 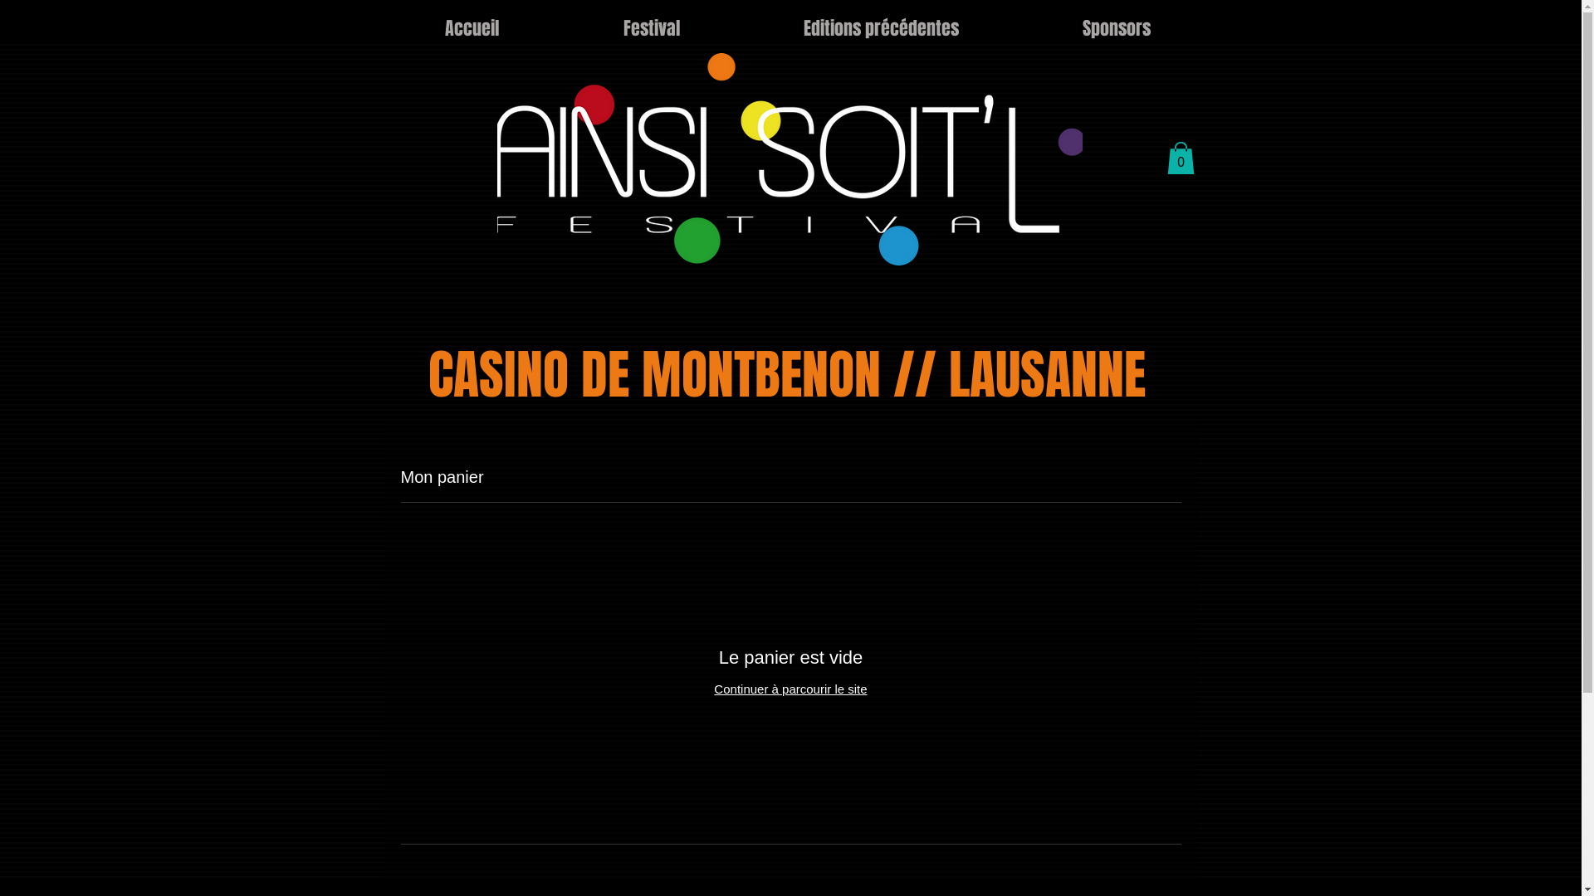 What do you see at coordinates (651, 28) in the screenshot?
I see `'Festival'` at bounding box center [651, 28].